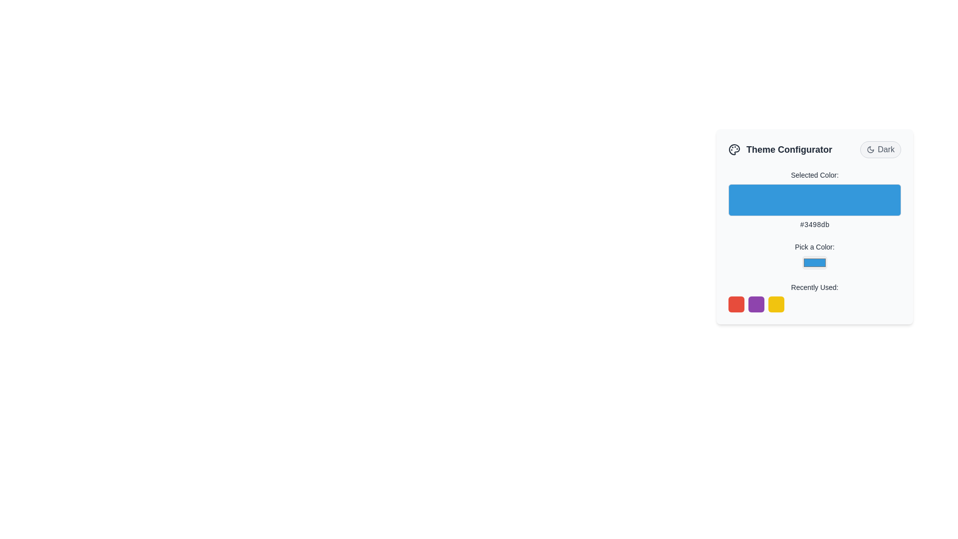  I want to click on the moon-shaped icon with a grayish outline, which is part of the 'Dark' button located at the top-right corner of the theme configuration card, so click(870, 150).